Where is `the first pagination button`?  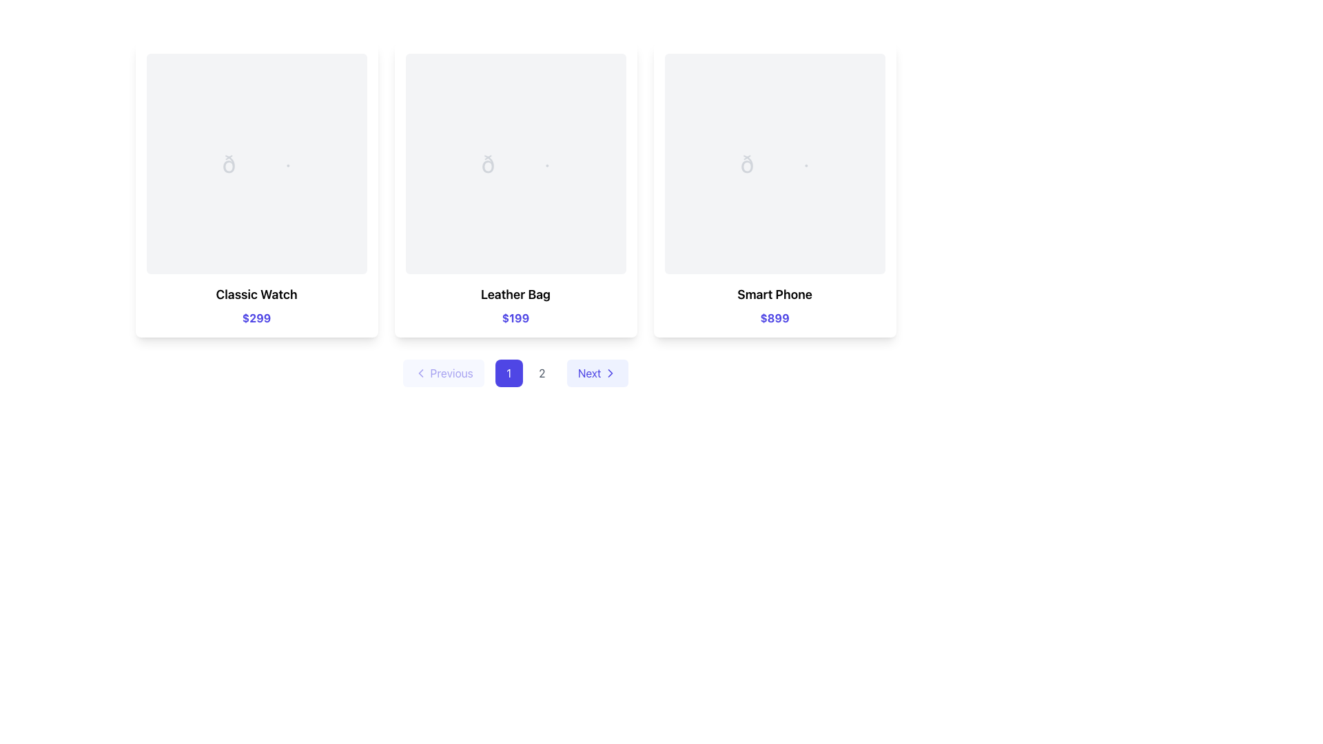 the first pagination button is located at coordinates (515, 373).